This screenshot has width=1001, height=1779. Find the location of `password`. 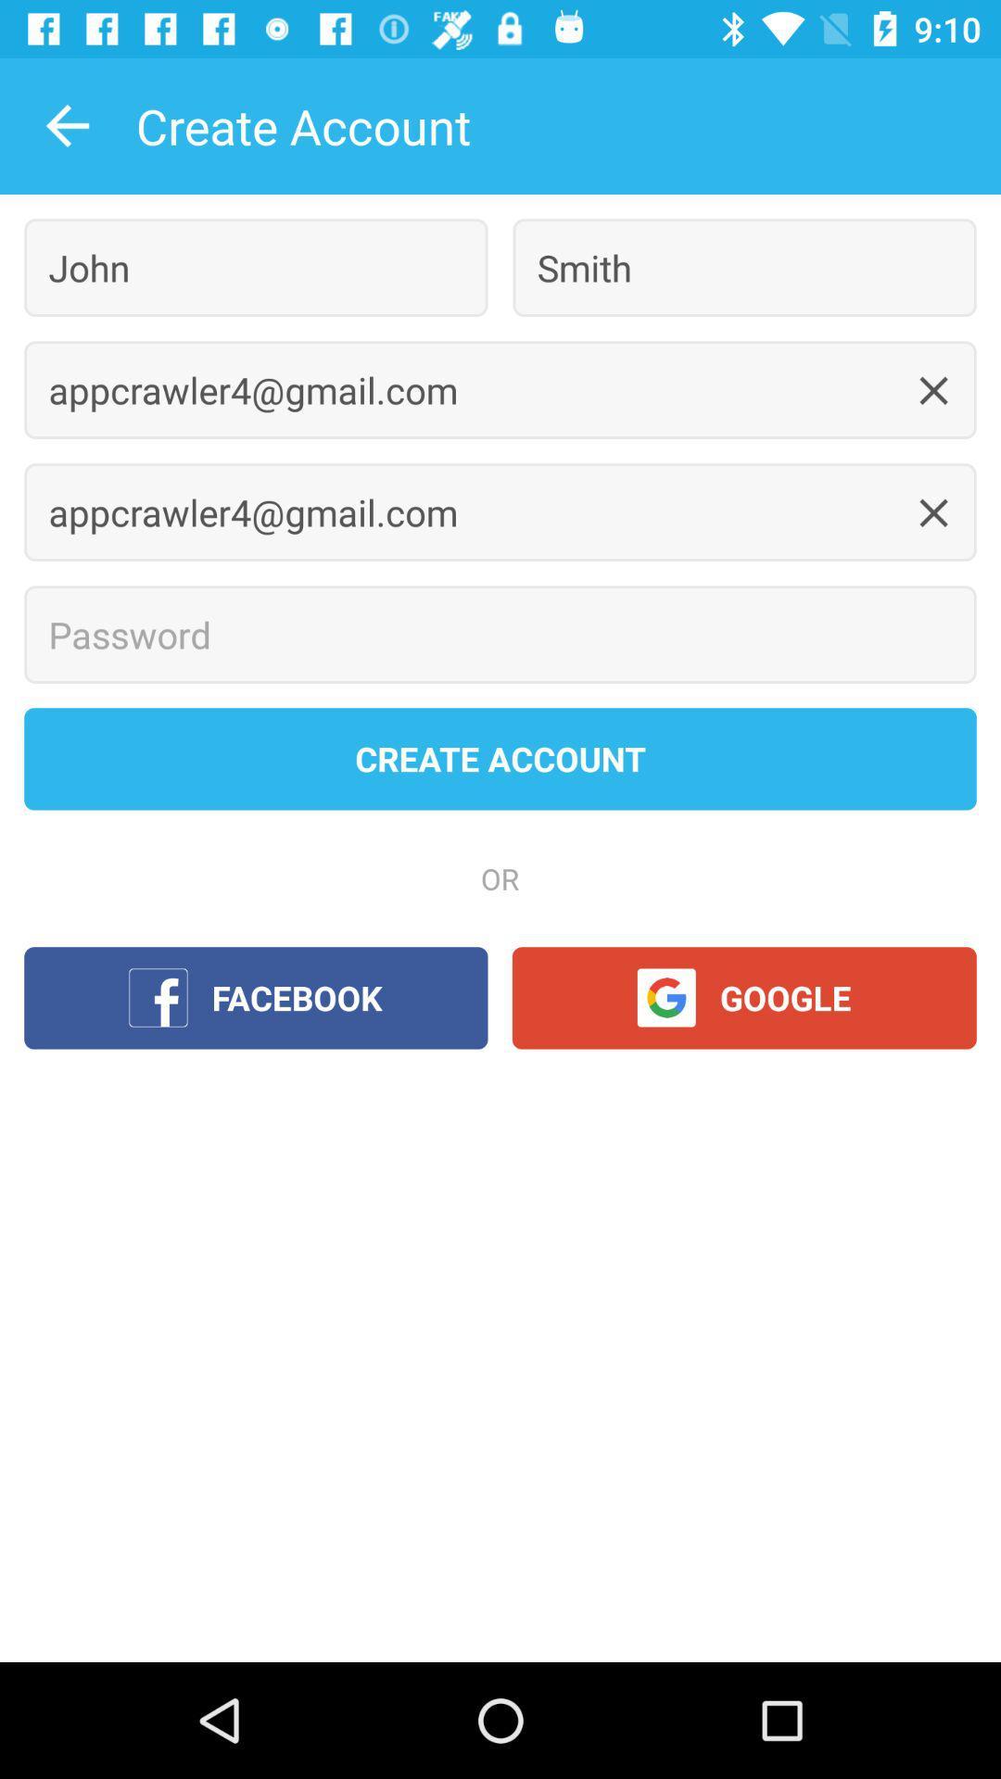

password is located at coordinates (500, 635).